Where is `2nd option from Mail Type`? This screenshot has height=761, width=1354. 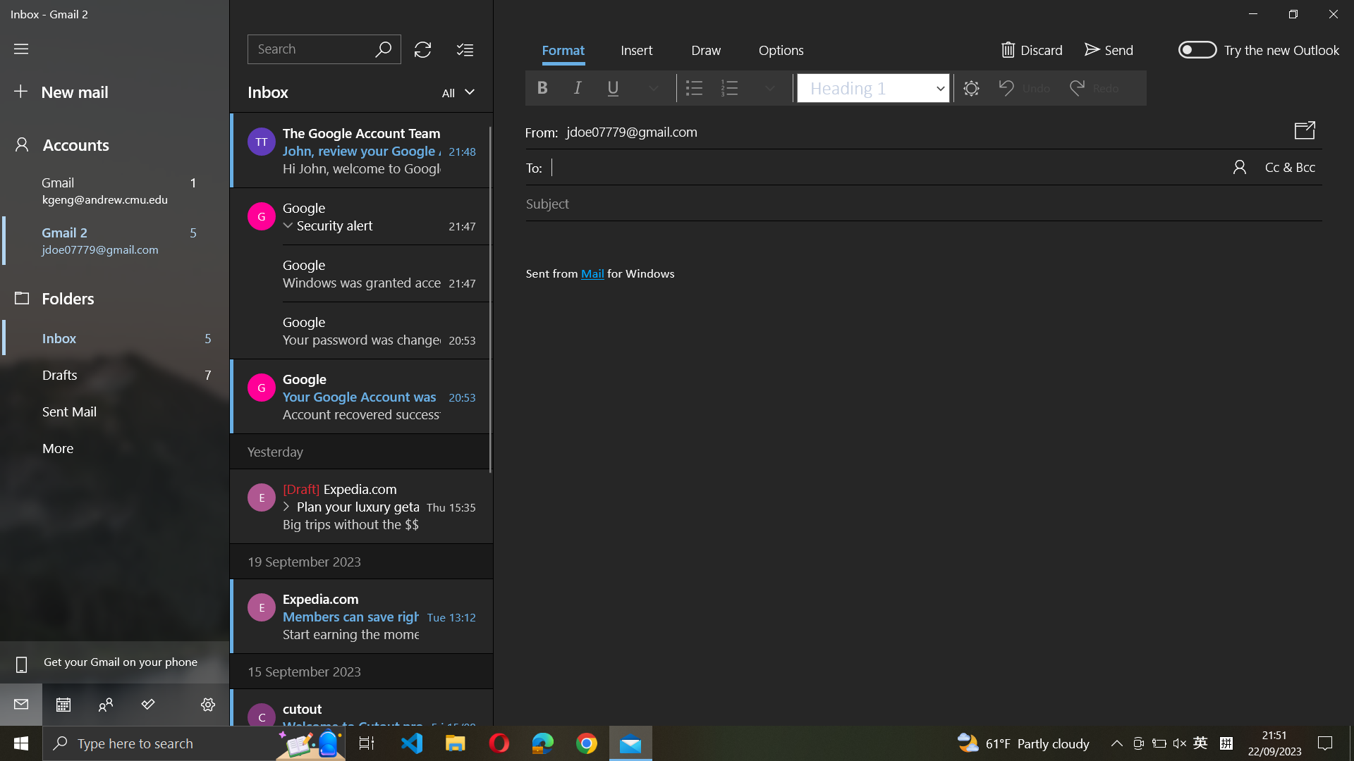
2nd option from Mail Type is located at coordinates (456, 92).